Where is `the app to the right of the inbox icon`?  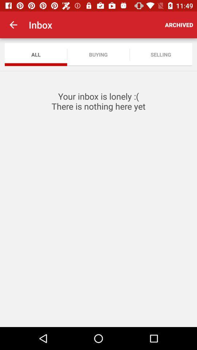
the app to the right of the inbox icon is located at coordinates (178, 25).